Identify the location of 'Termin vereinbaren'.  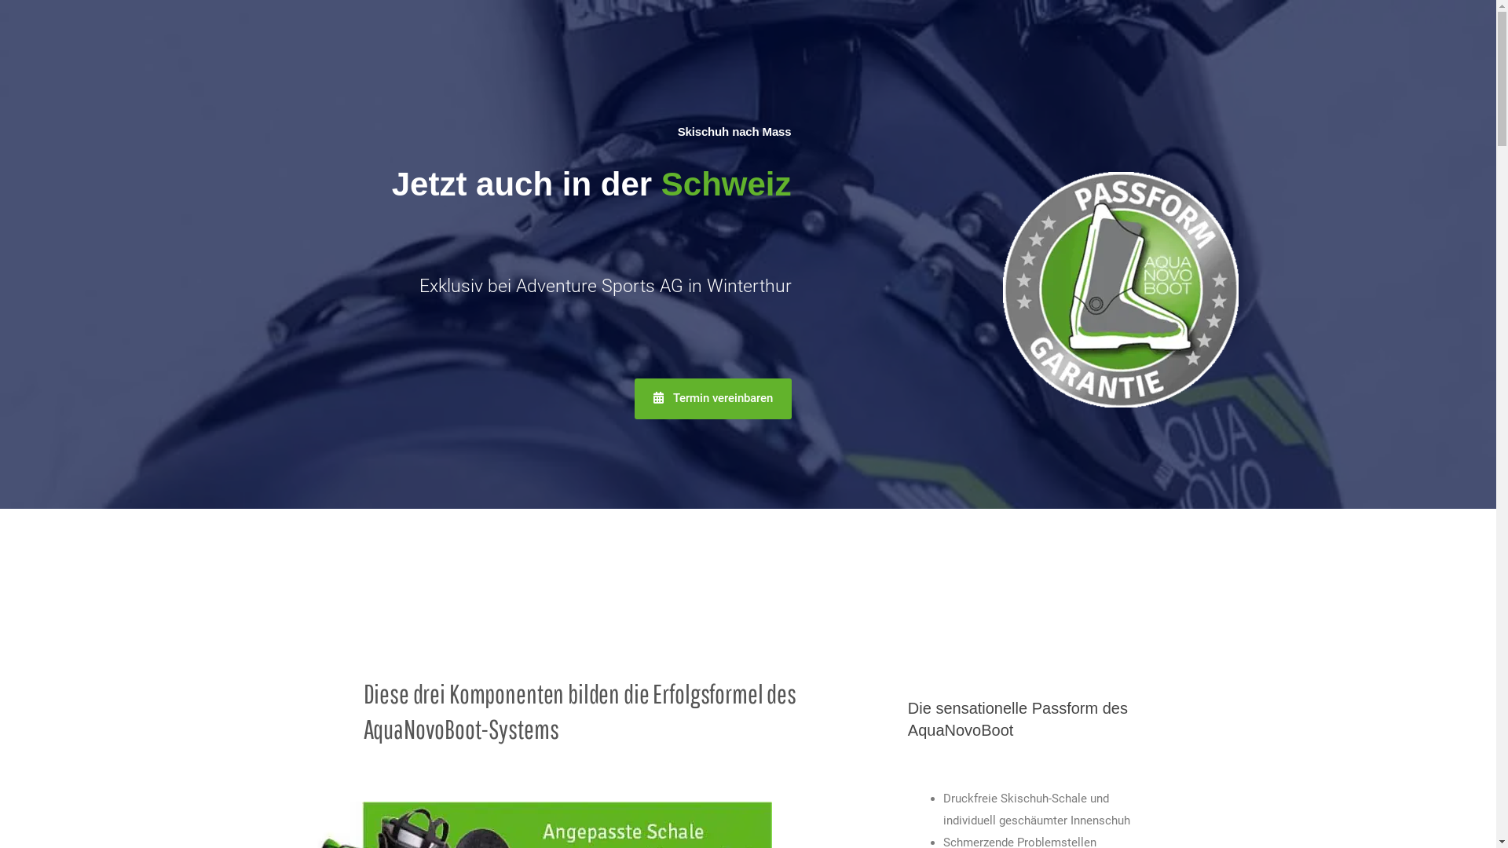
(634, 398).